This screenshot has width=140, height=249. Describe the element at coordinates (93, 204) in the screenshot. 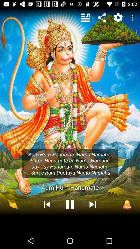

I see `the play button beside the bell icon` at that location.